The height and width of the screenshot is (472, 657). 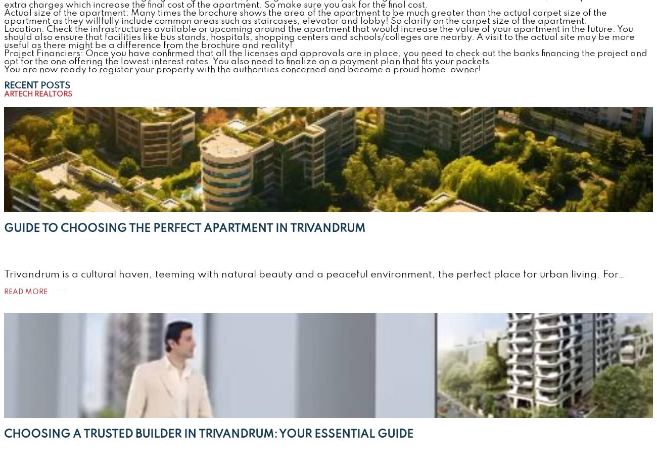 I want to click on 'You are now ready to register your property with the authorities concerned and become a proud home-owner!', so click(x=242, y=69).